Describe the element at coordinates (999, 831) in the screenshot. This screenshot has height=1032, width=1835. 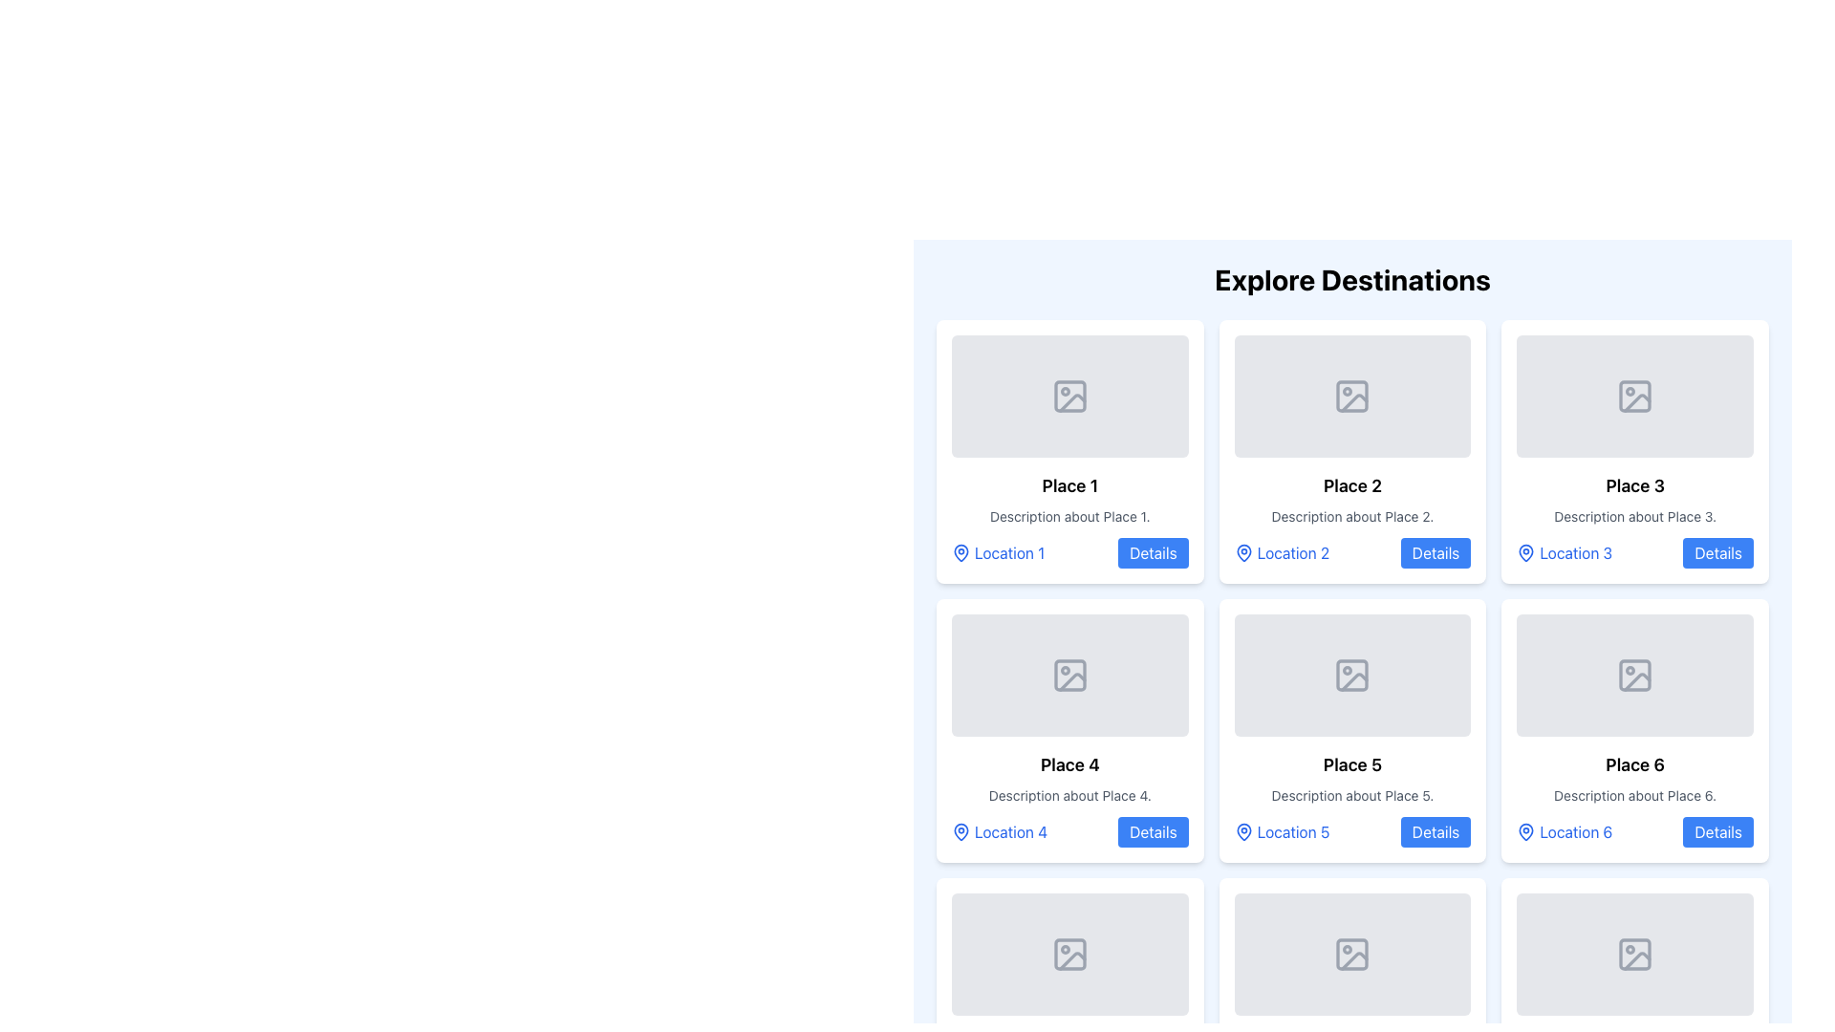
I see `the 'Location 4' text label with a map pin icon, which is styled in blue and located at the bottom-left corner of the card layout for 'Place 4'` at that location.